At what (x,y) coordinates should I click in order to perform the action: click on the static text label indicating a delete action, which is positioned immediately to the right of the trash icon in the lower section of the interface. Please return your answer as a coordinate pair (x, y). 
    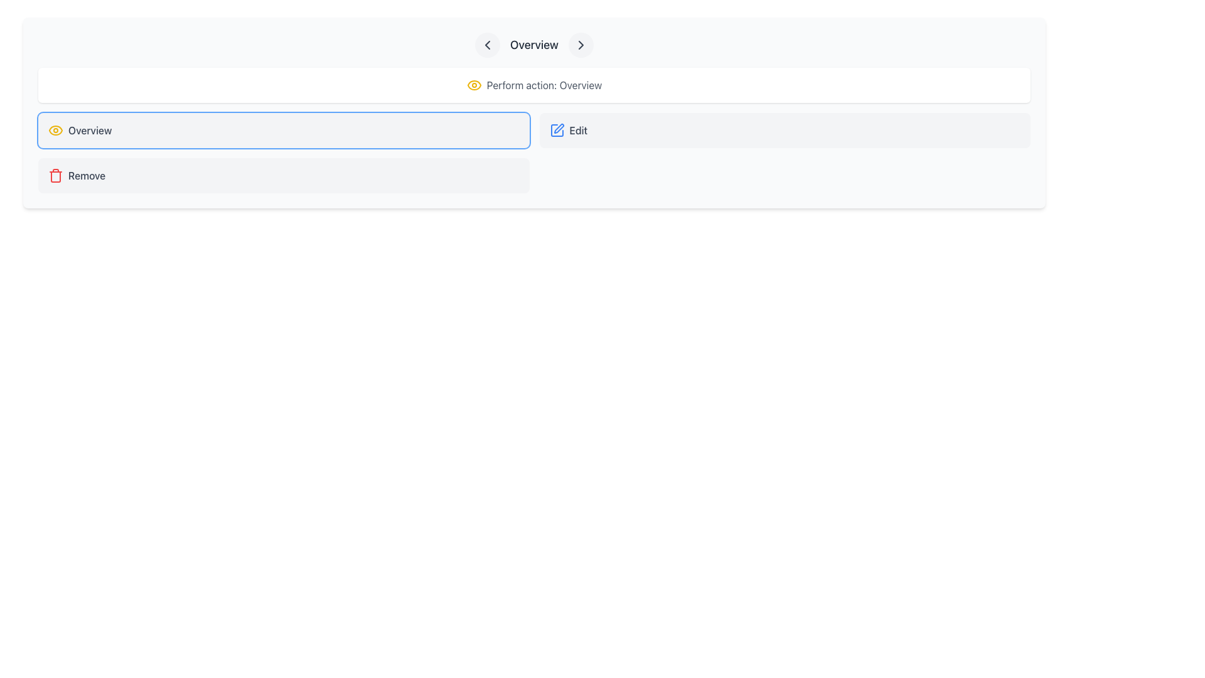
    Looking at the image, I should click on (86, 176).